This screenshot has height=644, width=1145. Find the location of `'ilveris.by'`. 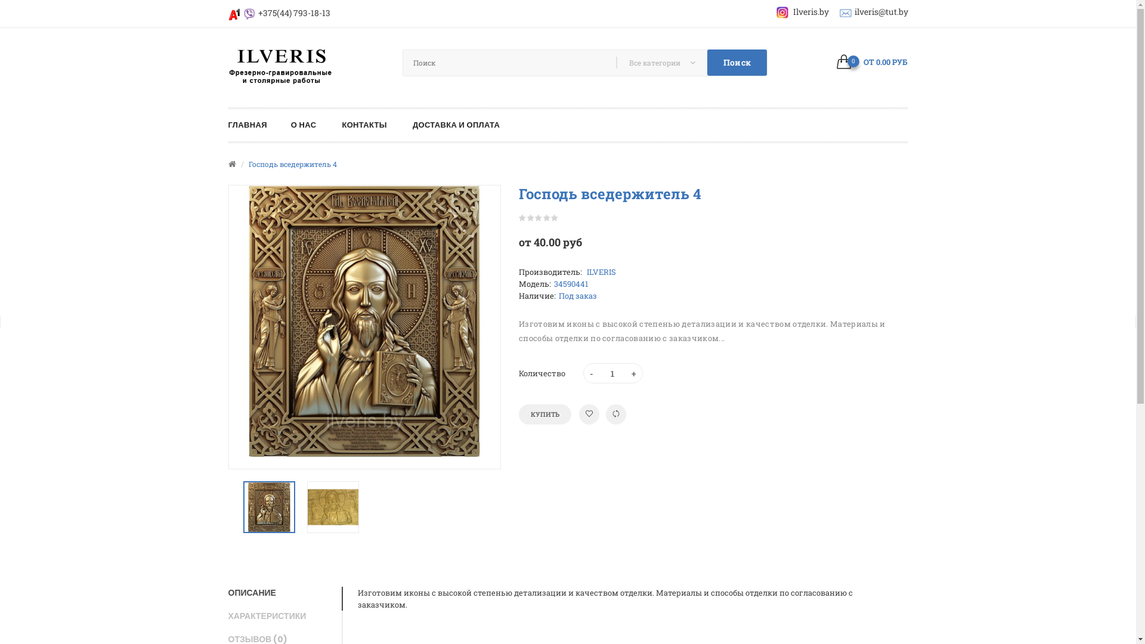

'ilveris.by' is located at coordinates (228, 66).